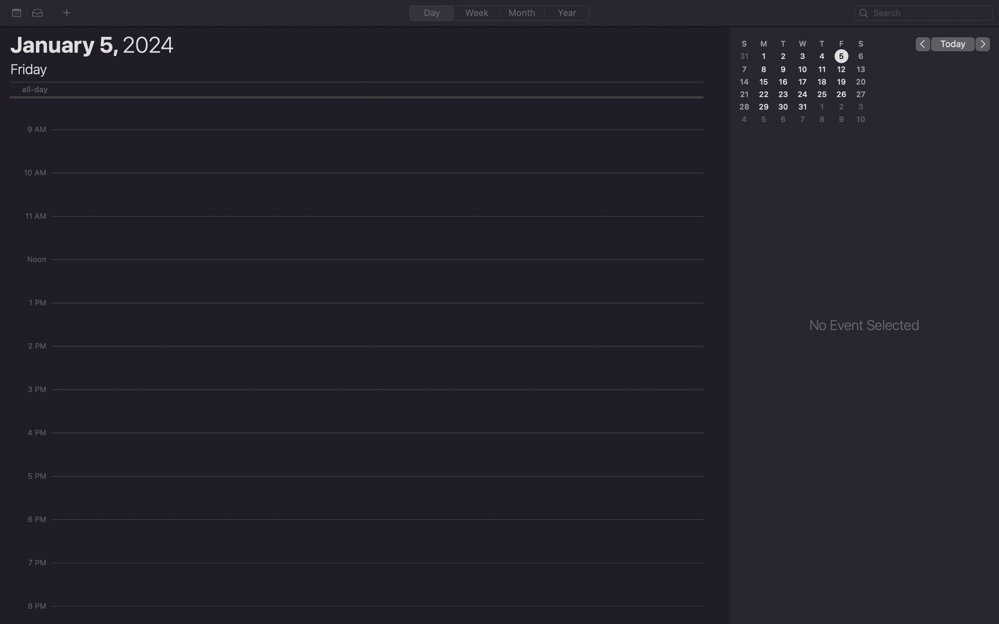 The image size is (999, 624). What do you see at coordinates (566, 13) in the screenshot?
I see `Activate the year mode on your calendar` at bounding box center [566, 13].